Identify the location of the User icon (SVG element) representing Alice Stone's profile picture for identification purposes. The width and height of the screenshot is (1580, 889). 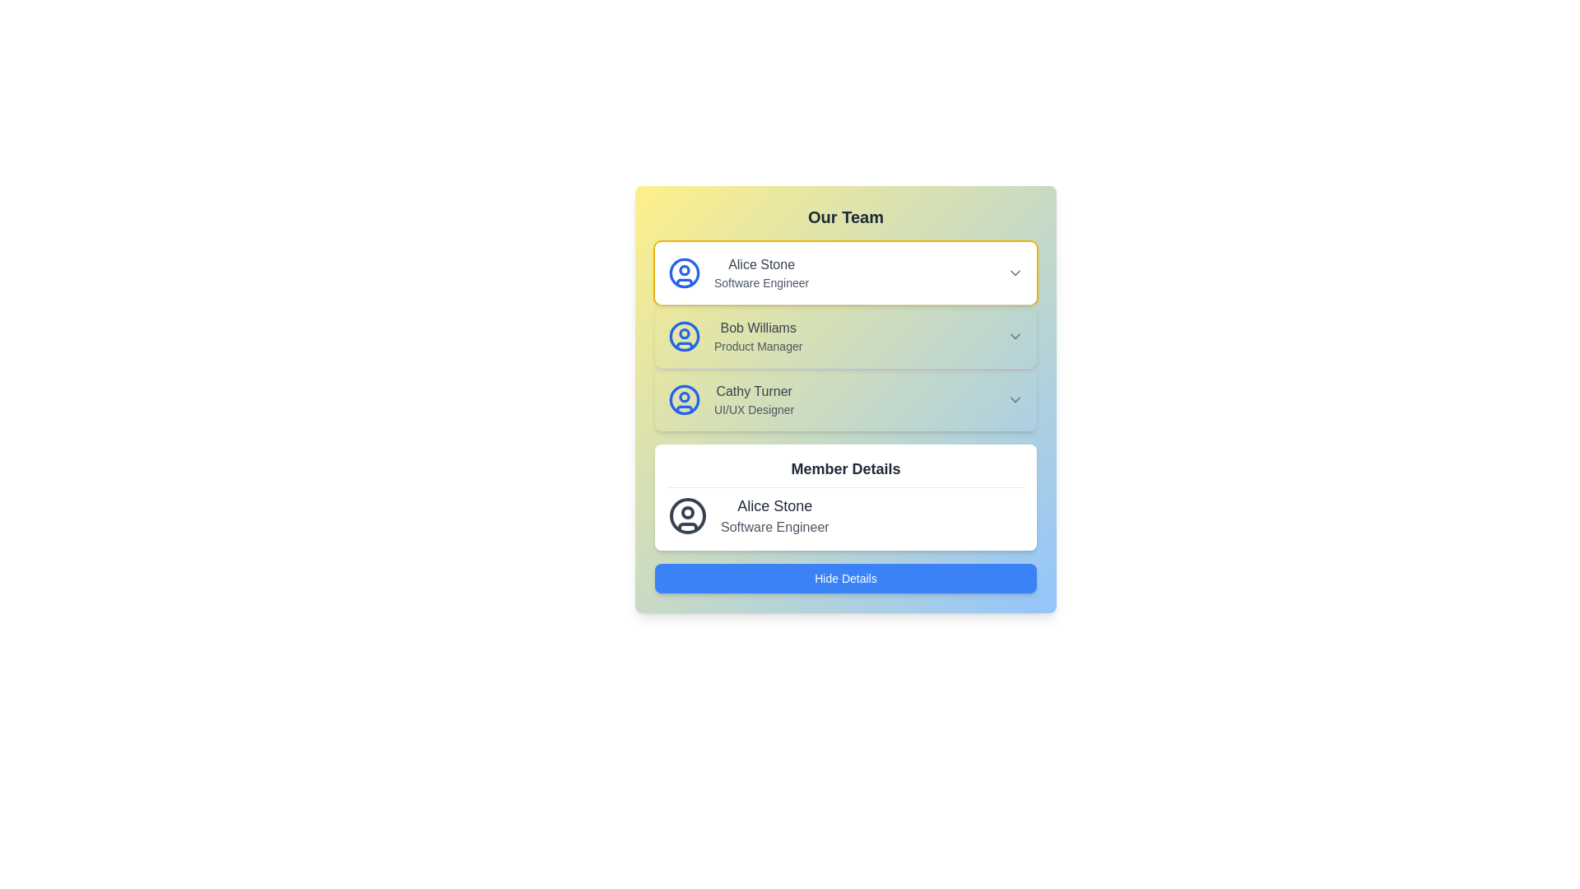
(684, 335).